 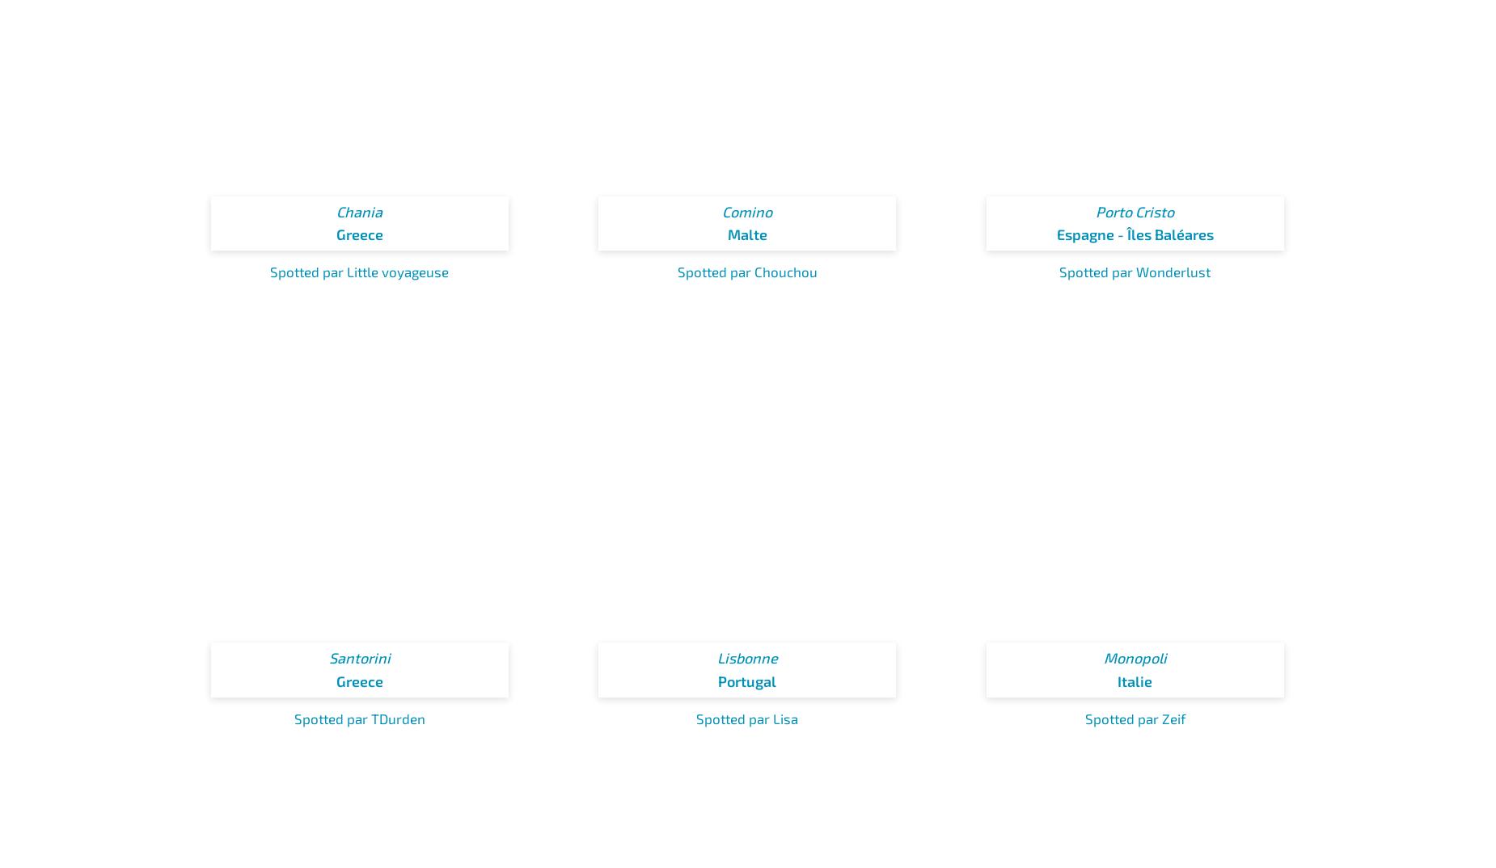 What do you see at coordinates (1054, 234) in the screenshot?
I see `'Espagne - Îles Baléares'` at bounding box center [1054, 234].